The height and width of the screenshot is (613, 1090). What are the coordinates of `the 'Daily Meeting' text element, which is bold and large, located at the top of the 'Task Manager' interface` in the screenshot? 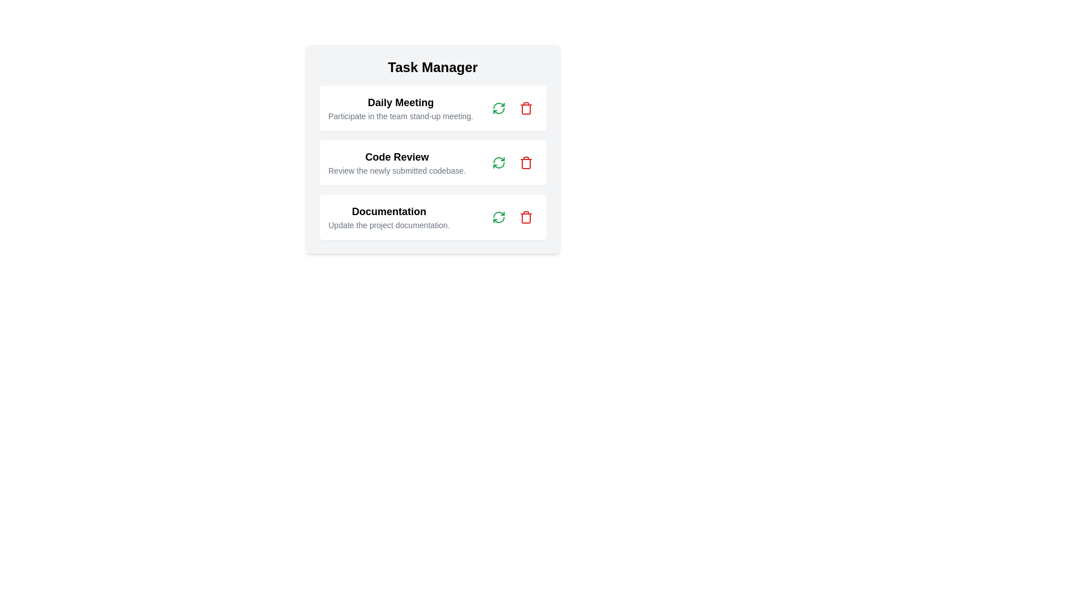 It's located at (401, 103).